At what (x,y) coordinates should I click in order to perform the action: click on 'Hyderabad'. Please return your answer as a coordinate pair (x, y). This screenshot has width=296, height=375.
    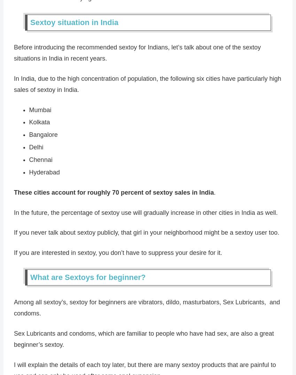
    Looking at the image, I should click on (44, 172).